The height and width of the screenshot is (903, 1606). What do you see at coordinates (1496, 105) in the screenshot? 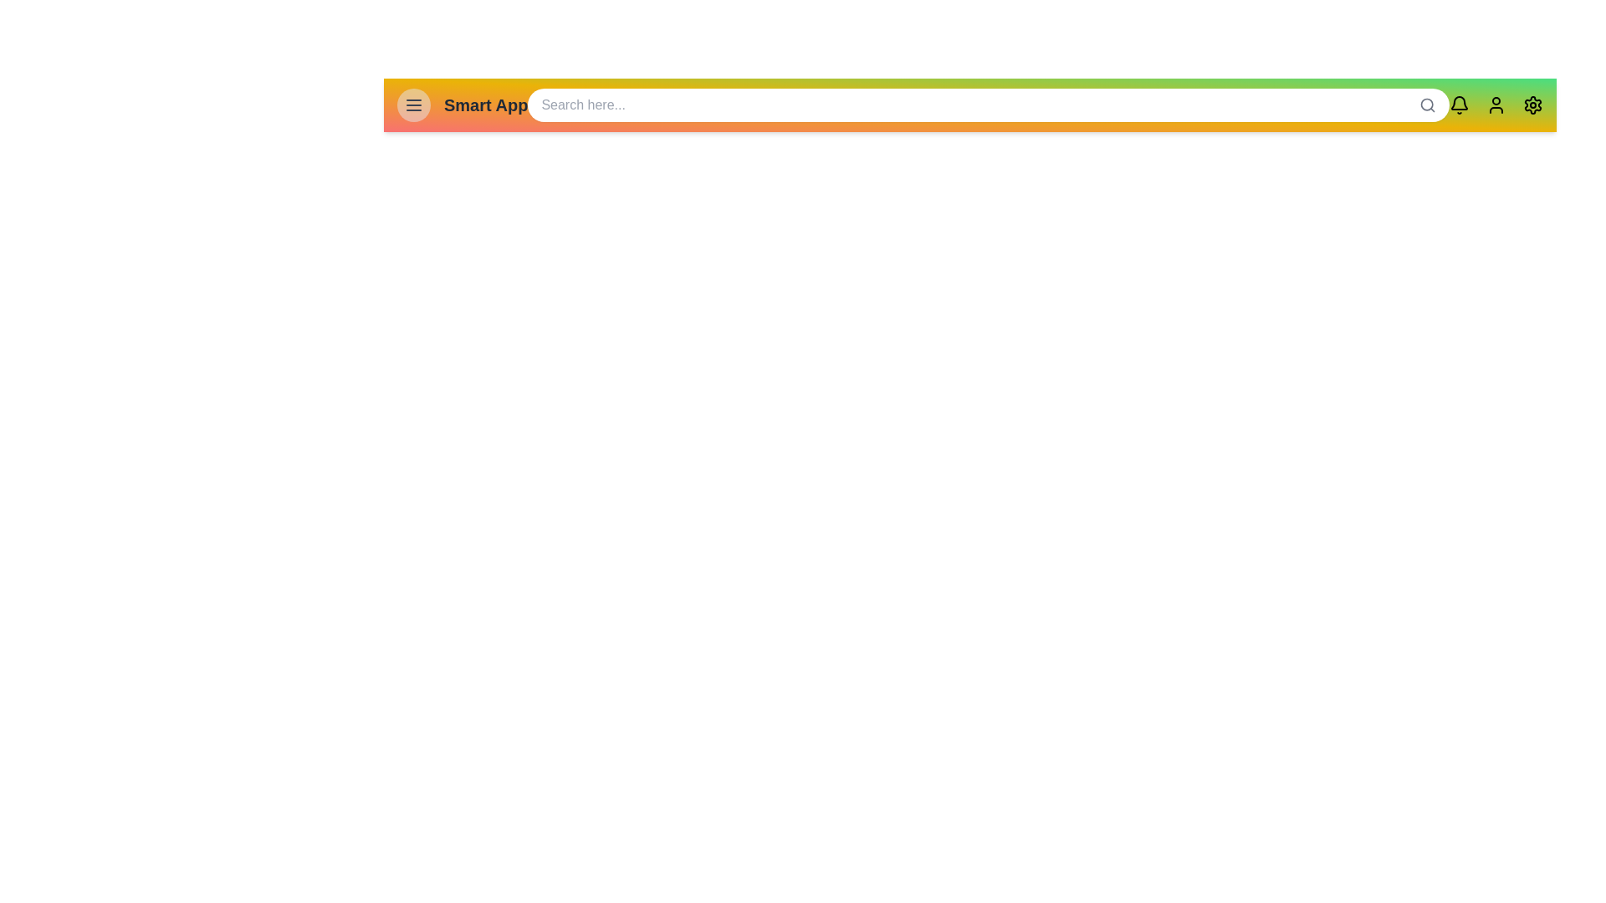
I see `the user icon to access user-related options` at bounding box center [1496, 105].